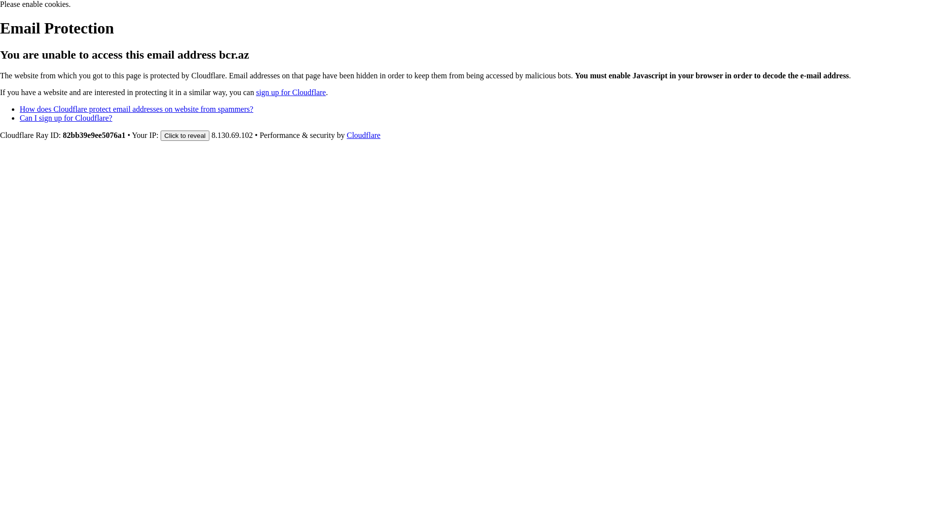 Image resolution: width=946 pixels, height=532 pixels. What do you see at coordinates (363, 135) in the screenshot?
I see `'Cloudflare'` at bounding box center [363, 135].